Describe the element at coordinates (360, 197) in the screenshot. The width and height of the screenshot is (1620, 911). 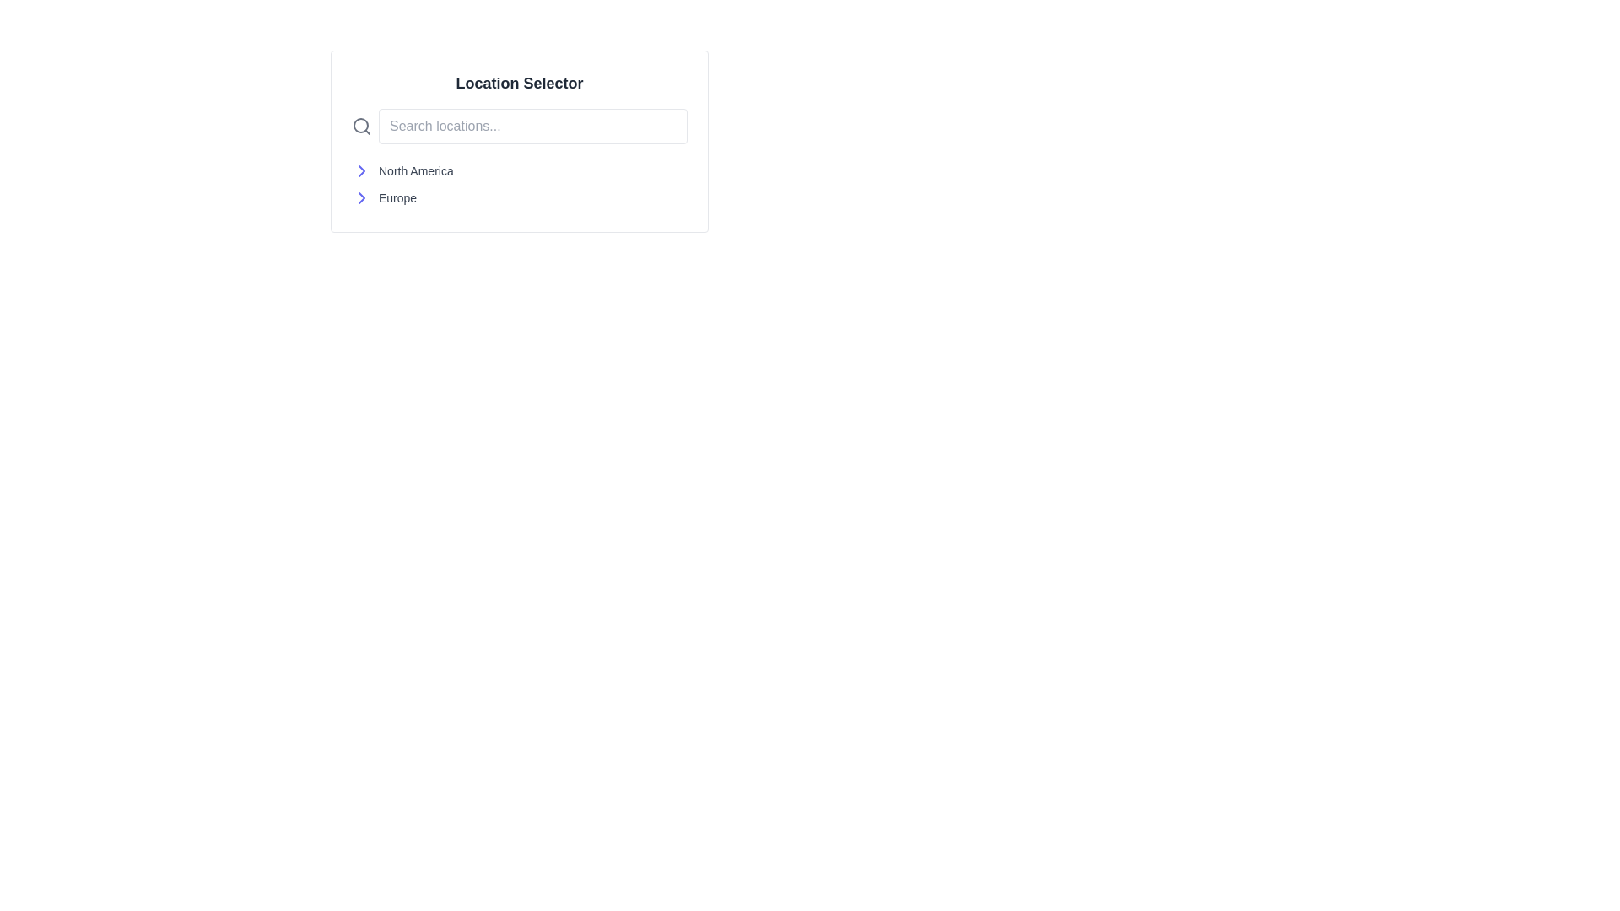
I see `the associated 'Europe' text by clicking on its linked Chevron Icon, which indicates navigation to a sub-section related to 'Europe'` at that location.